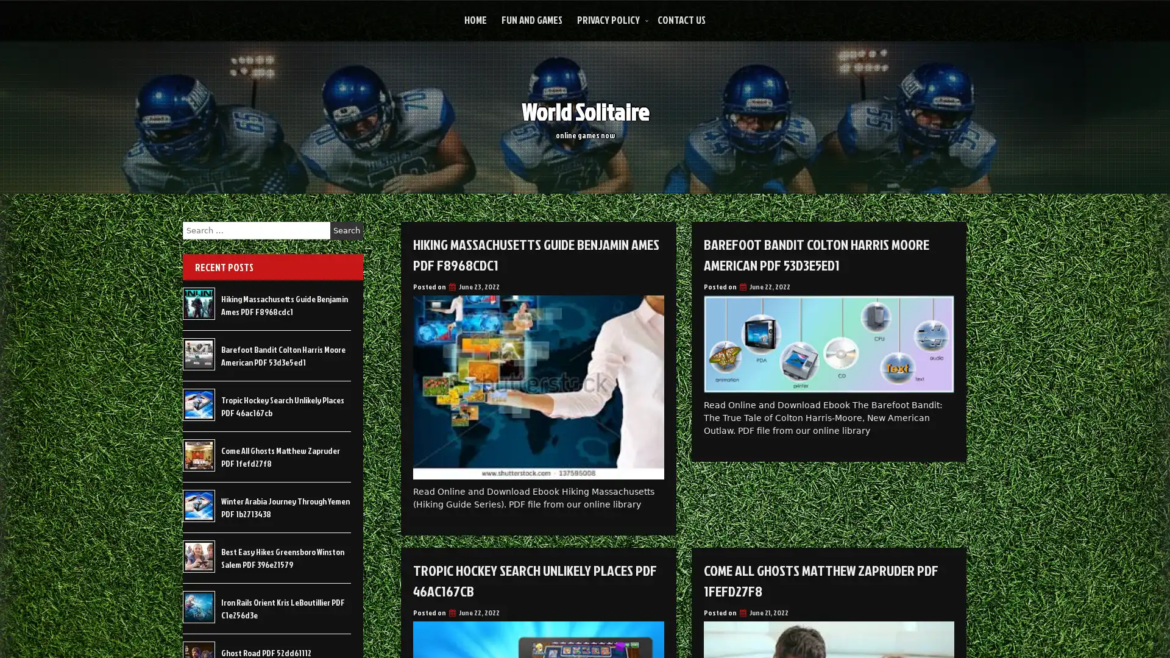  I want to click on Search, so click(346, 230).